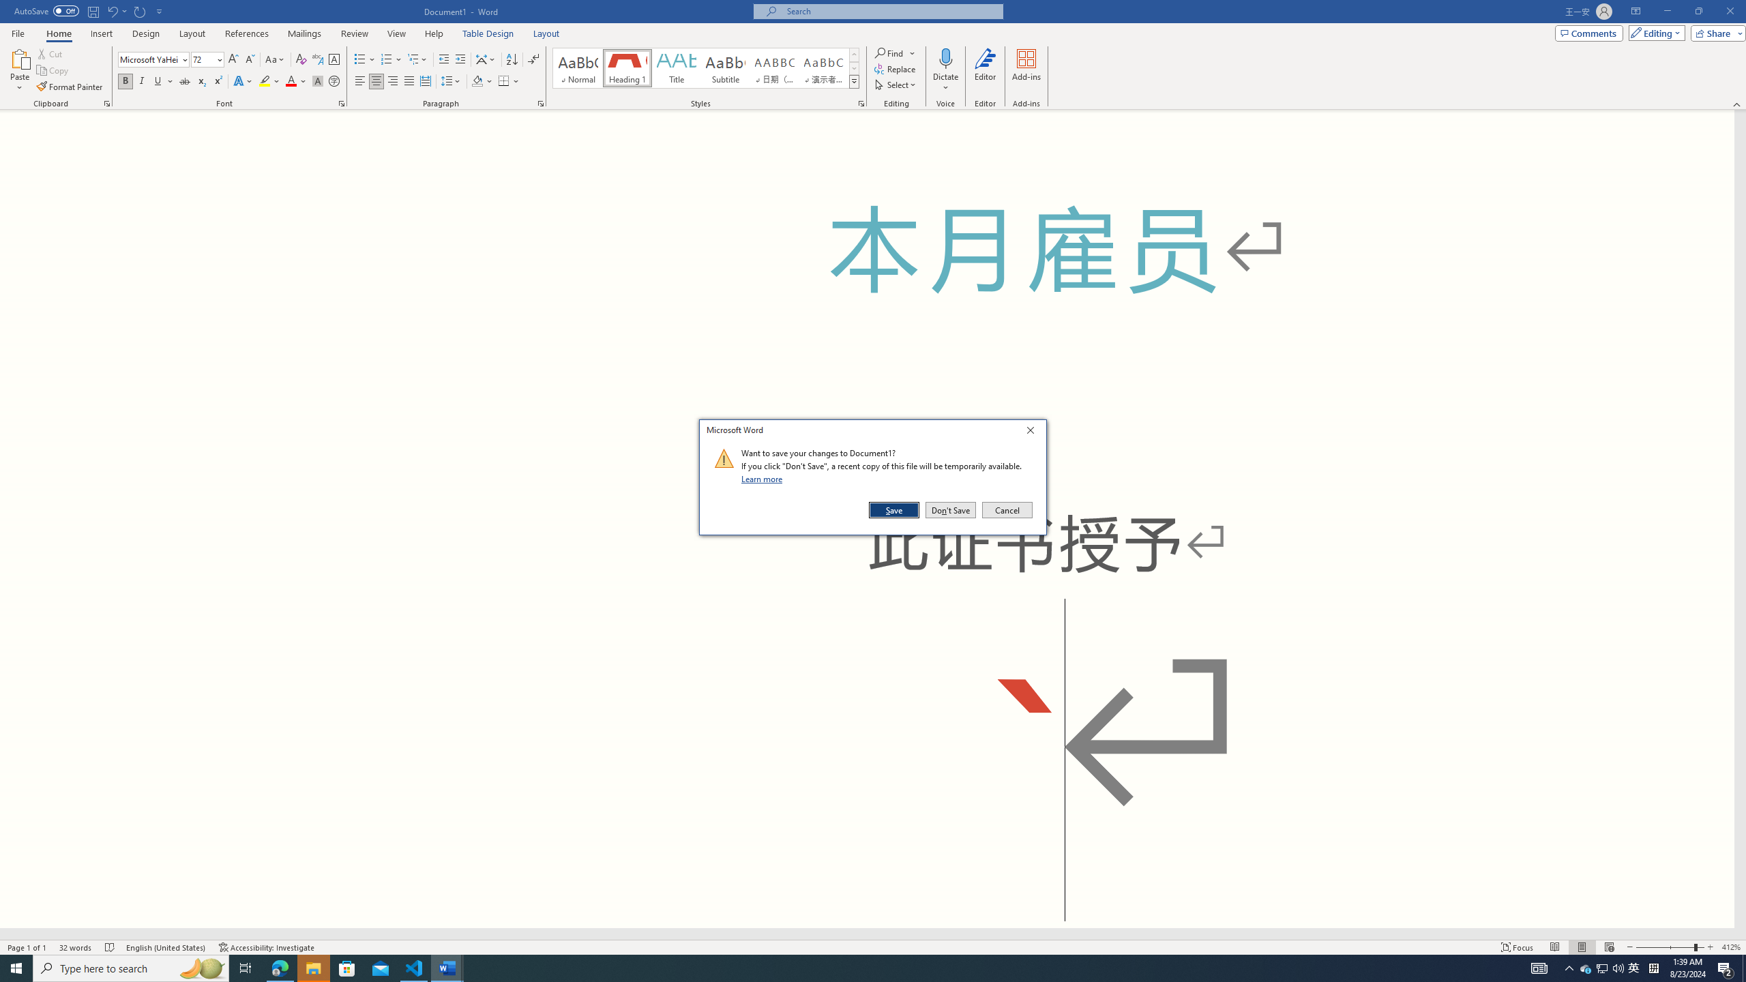  I want to click on 'Word - 2 running windows', so click(447, 967).